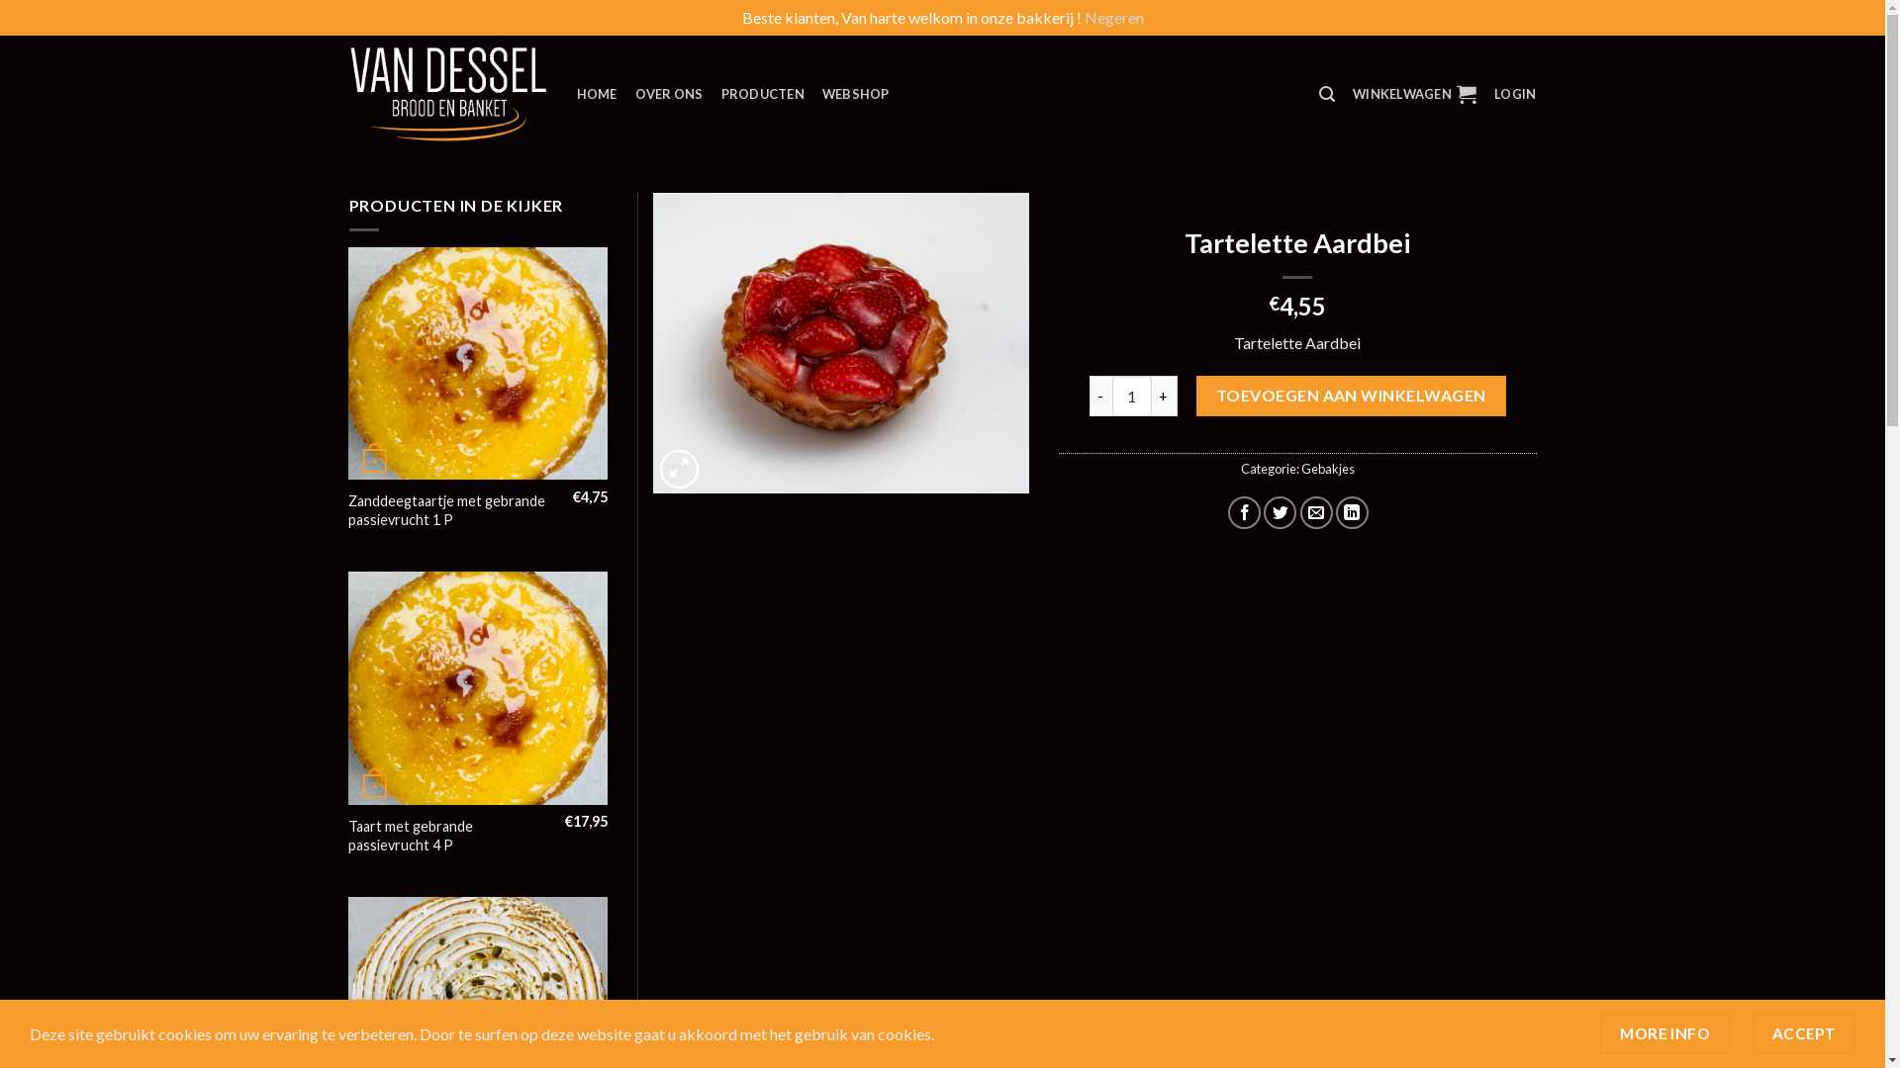 The height and width of the screenshot is (1068, 1900). What do you see at coordinates (1664, 1032) in the screenshot?
I see `'MORE INFO'` at bounding box center [1664, 1032].